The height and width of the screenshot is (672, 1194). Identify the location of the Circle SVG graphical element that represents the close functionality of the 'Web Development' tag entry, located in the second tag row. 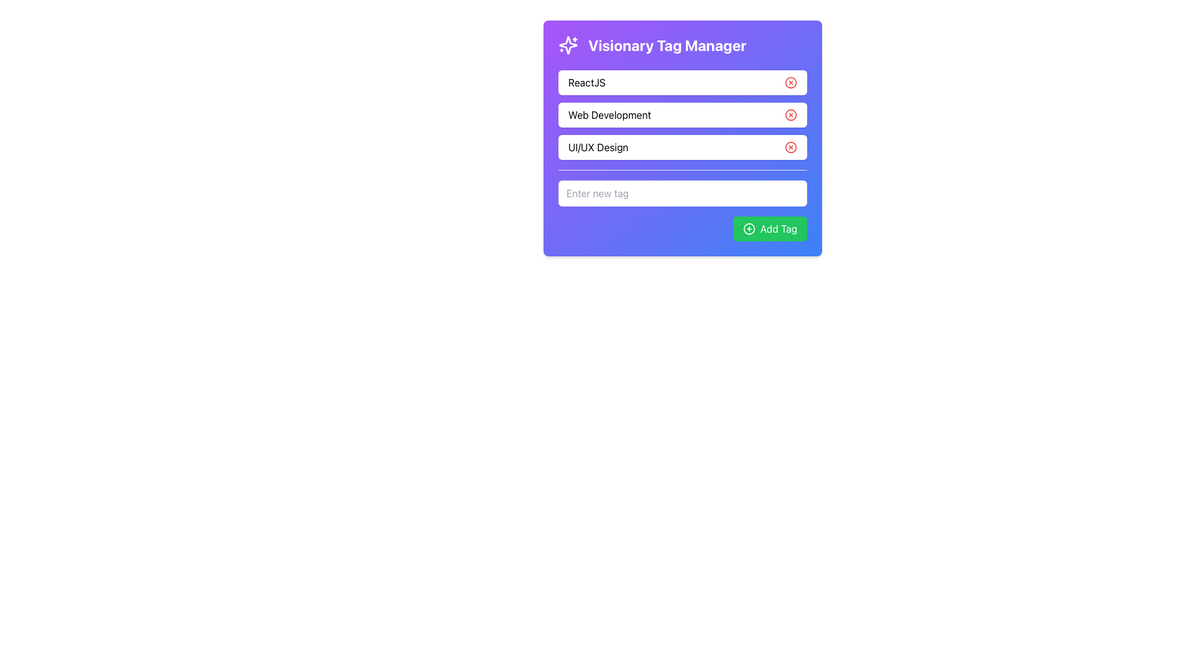
(790, 115).